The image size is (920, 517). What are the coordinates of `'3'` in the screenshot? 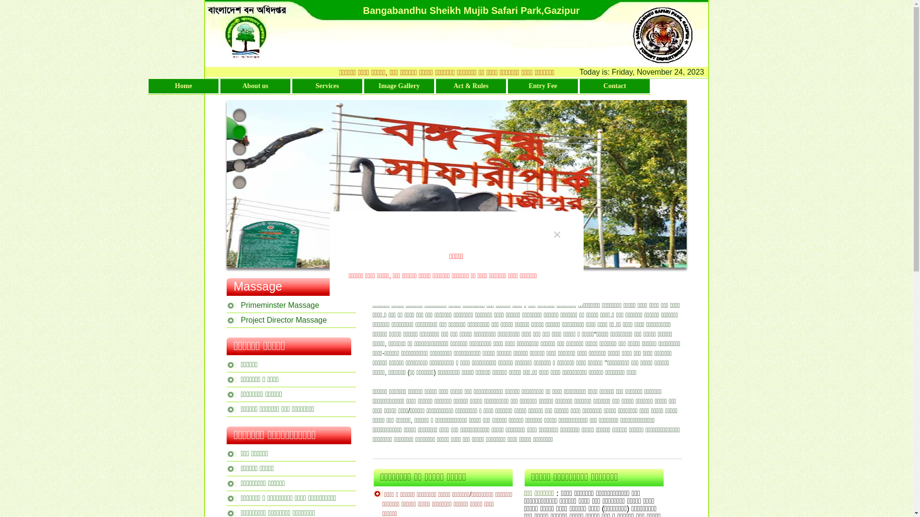 It's located at (239, 148).